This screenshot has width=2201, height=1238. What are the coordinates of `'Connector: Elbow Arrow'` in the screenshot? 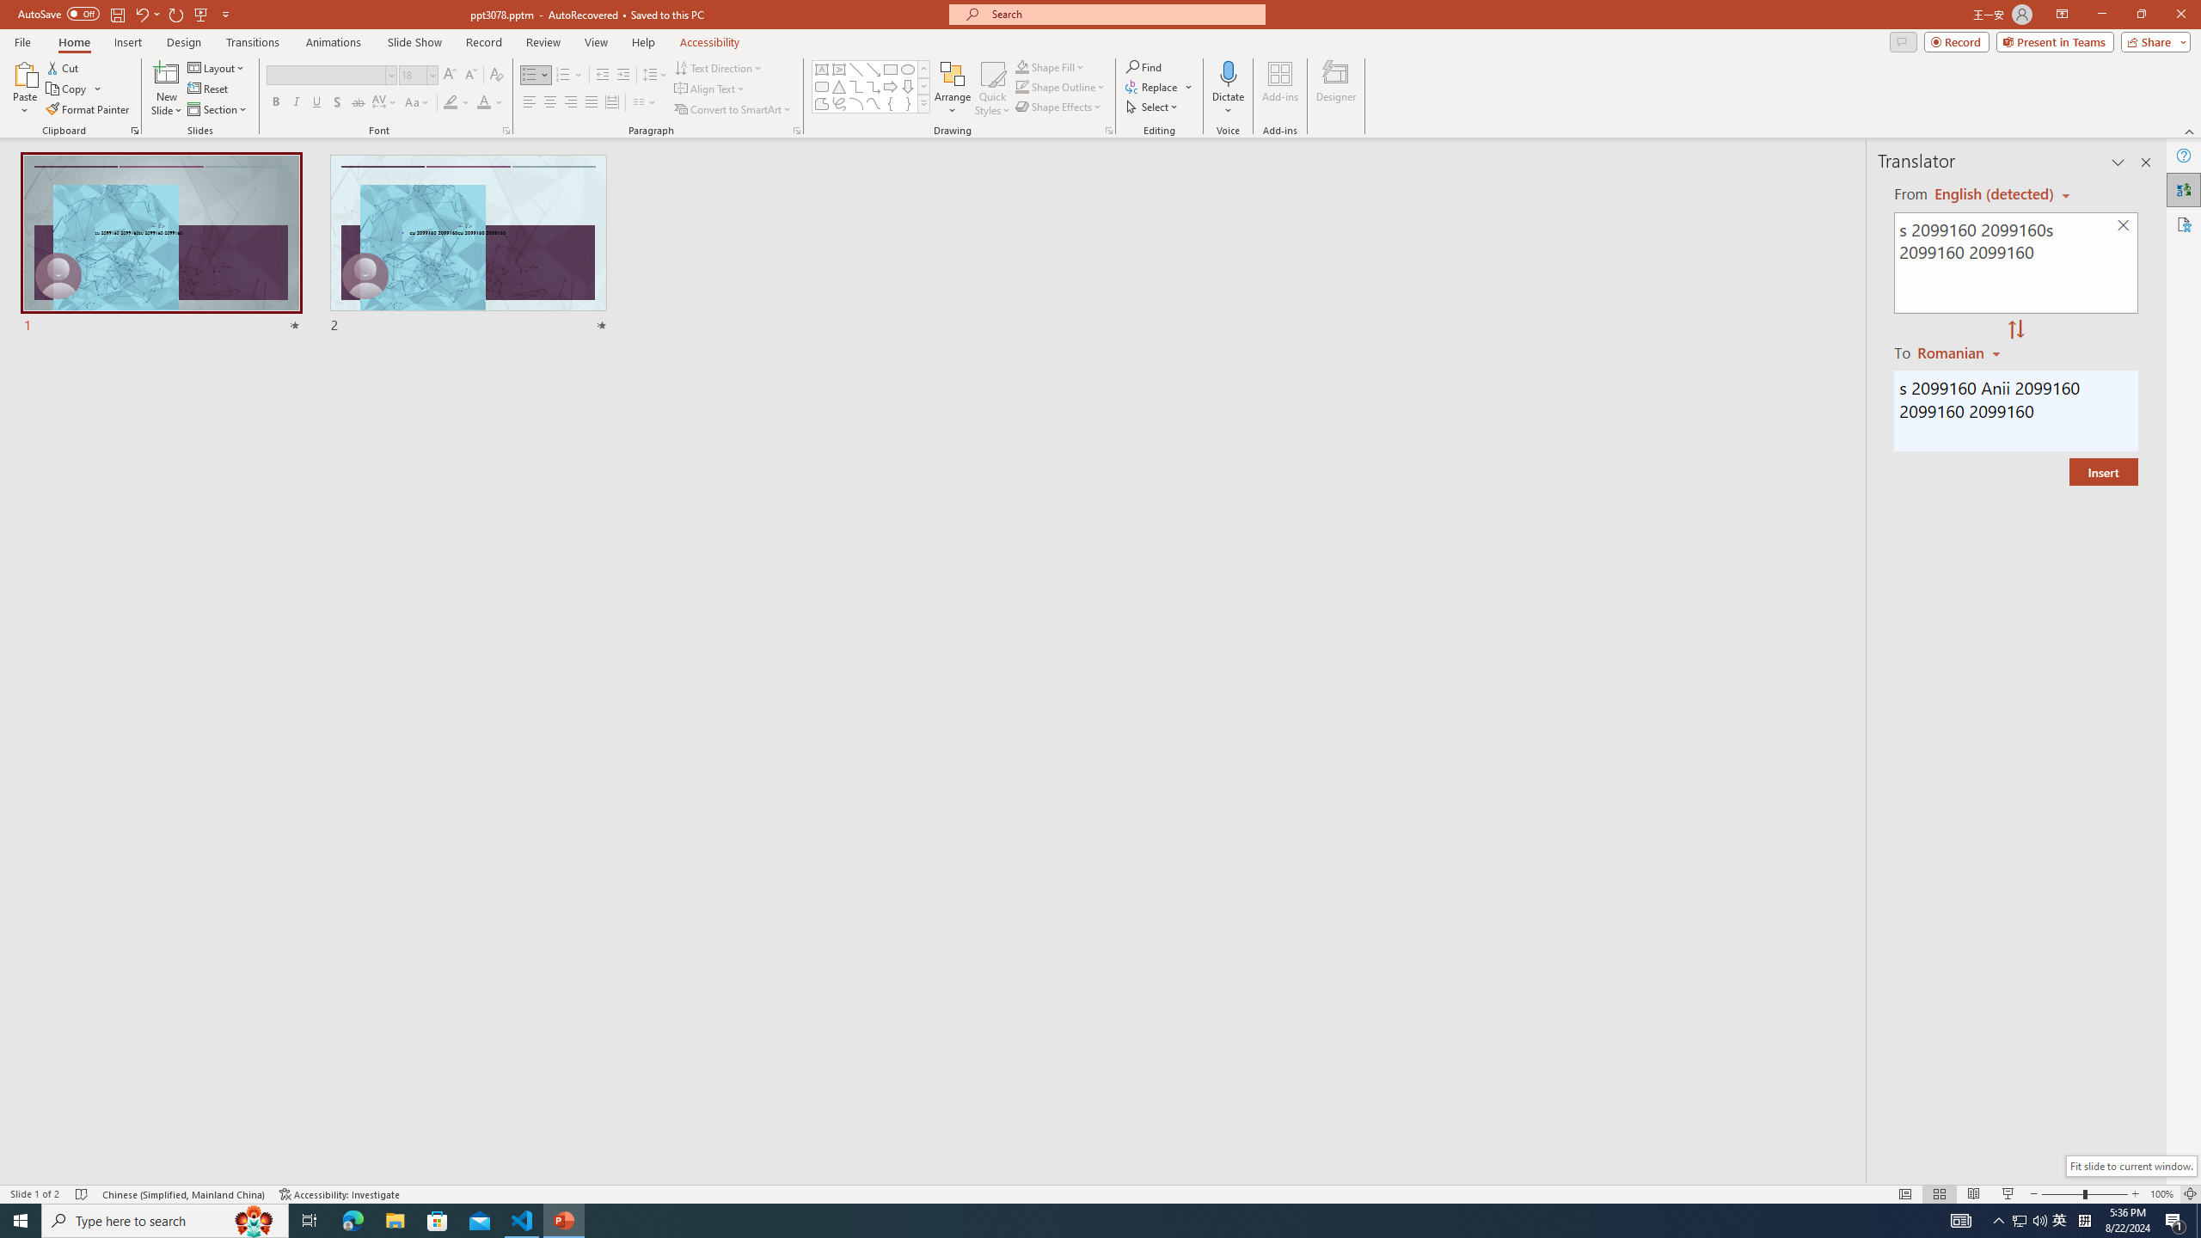 It's located at (873, 85).